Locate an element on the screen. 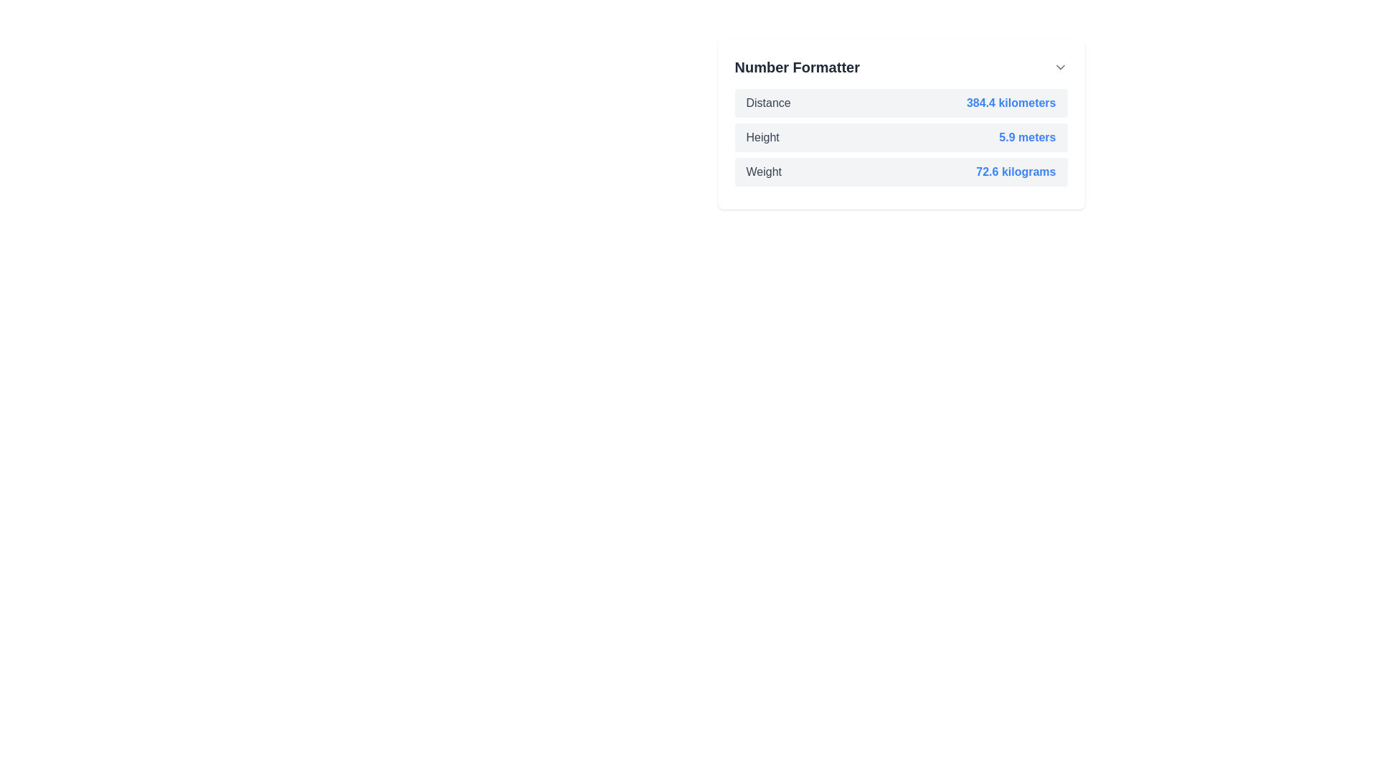 The image size is (1377, 775). displayed content of the 'Weight' text label, which is a display-only component located in the third row of numerical information, adjacent to the 'Weight' label is located at coordinates (1015, 171).